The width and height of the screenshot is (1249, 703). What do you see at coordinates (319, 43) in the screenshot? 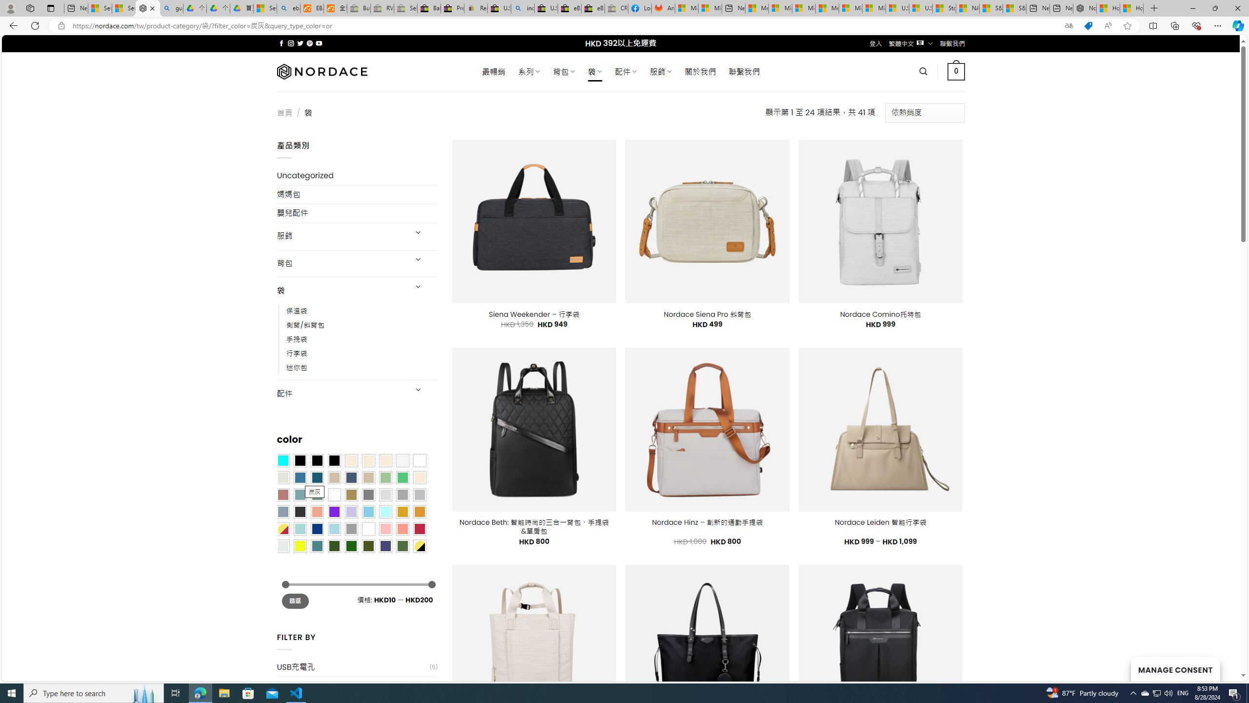
I see `'Follow on YouTube'` at bounding box center [319, 43].